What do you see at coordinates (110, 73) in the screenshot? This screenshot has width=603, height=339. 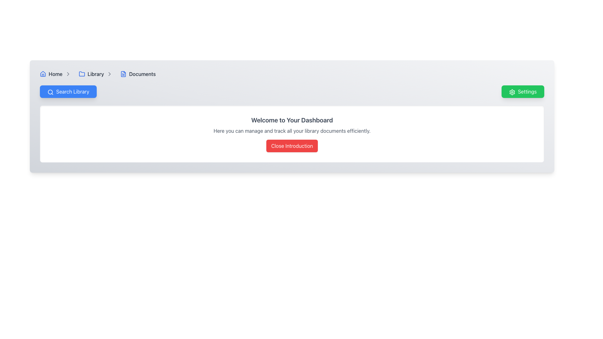 I see `the Chevron Right icon located in the navigation bar between the 'Library' and 'Documents' labels in the breadcrumb trail` at bounding box center [110, 73].